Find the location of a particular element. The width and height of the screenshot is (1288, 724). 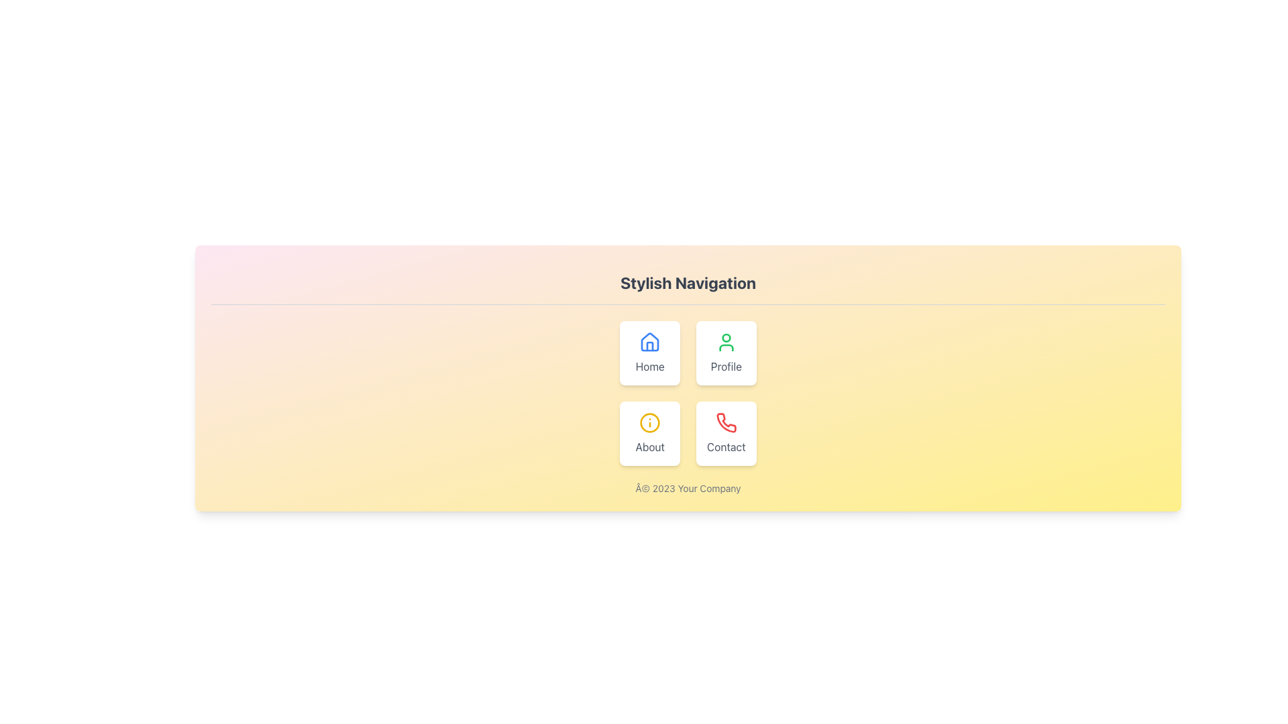

the Navigation Button located in the upper-left quadrant of the navigation grid is located at coordinates (650, 353).